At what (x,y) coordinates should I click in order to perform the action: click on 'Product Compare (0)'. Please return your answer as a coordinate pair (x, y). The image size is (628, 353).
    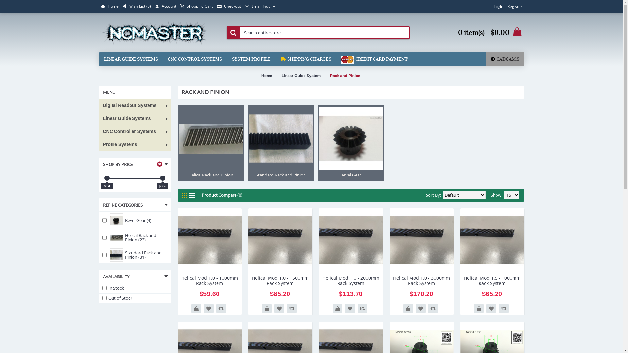
    Looking at the image, I should click on (221, 195).